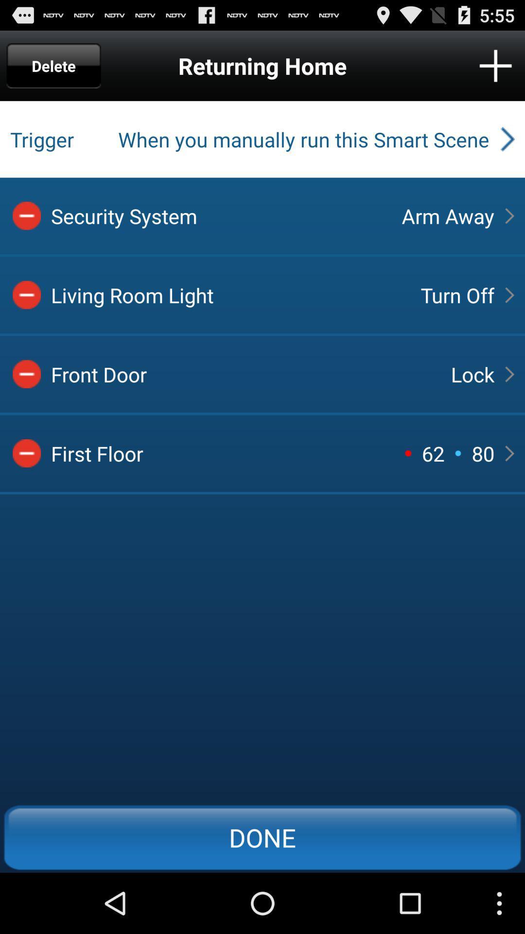 The height and width of the screenshot is (934, 525). I want to click on the red colow option, so click(26, 374).